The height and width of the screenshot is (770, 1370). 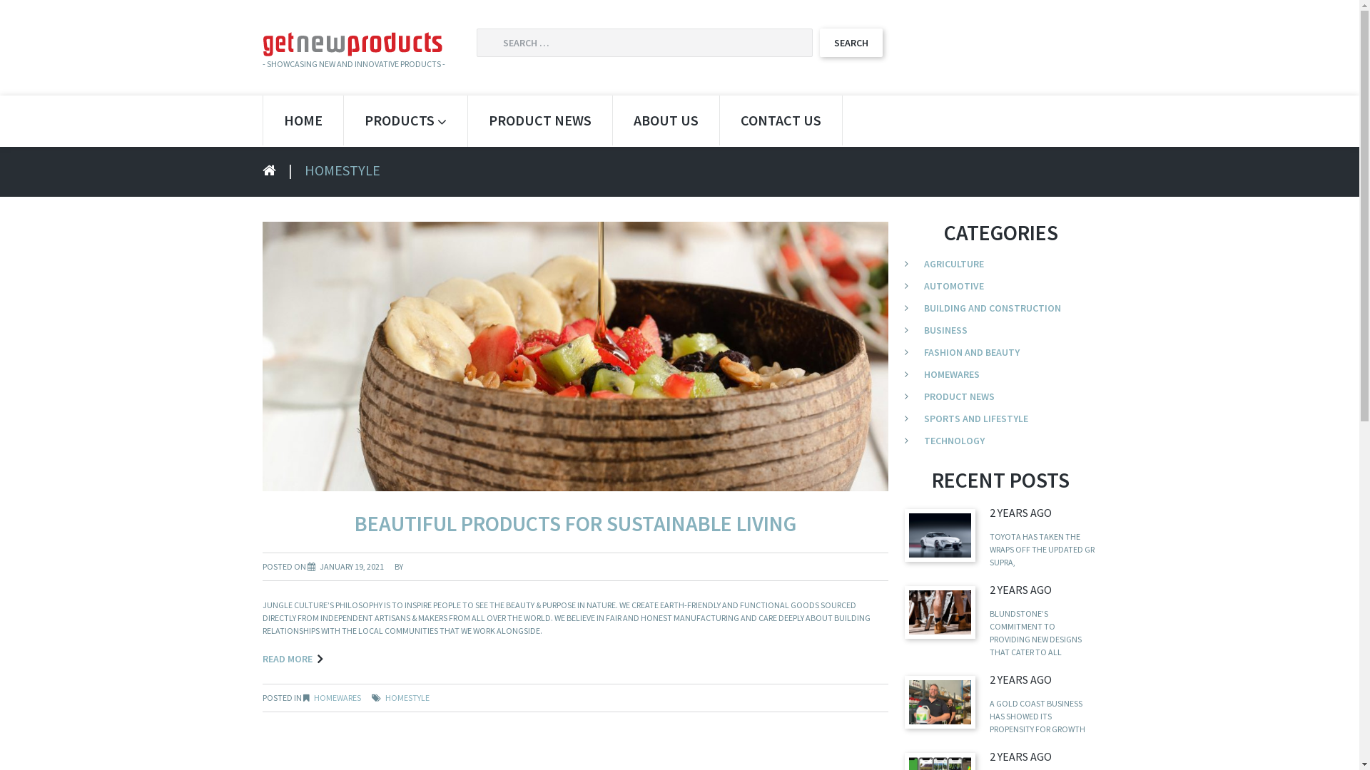 What do you see at coordinates (818, 42) in the screenshot?
I see `'Search'` at bounding box center [818, 42].